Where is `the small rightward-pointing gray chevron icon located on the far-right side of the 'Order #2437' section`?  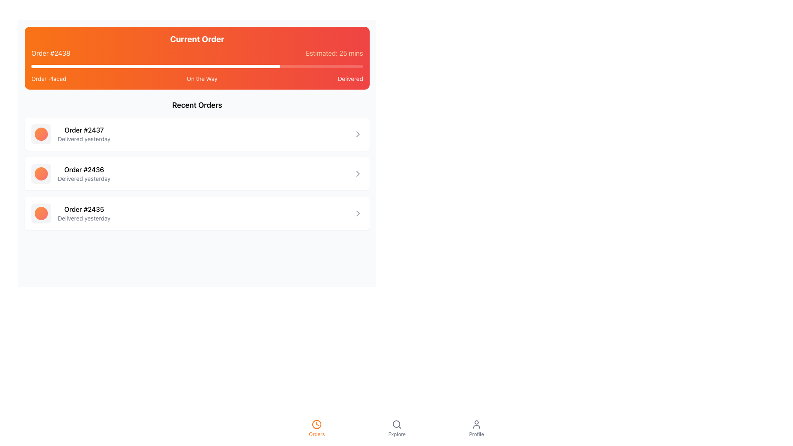
the small rightward-pointing gray chevron icon located on the far-right side of the 'Order #2437' section is located at coordinates (358, 133).